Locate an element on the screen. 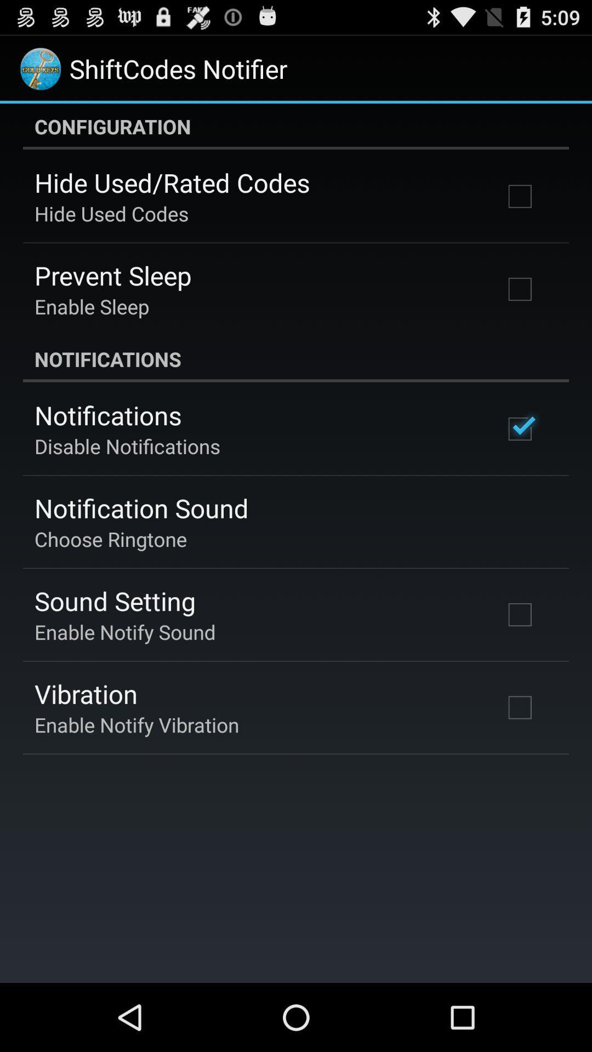 The image size is (592, 1052). item below the notifications app is located at coordinates (127, 446).